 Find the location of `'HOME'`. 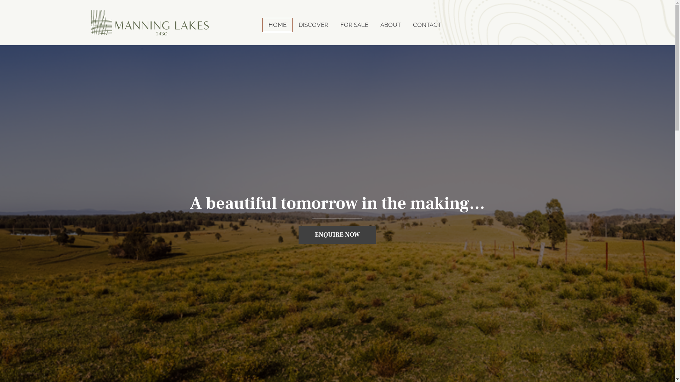

'HOME' is located at coordinates (277, 24).